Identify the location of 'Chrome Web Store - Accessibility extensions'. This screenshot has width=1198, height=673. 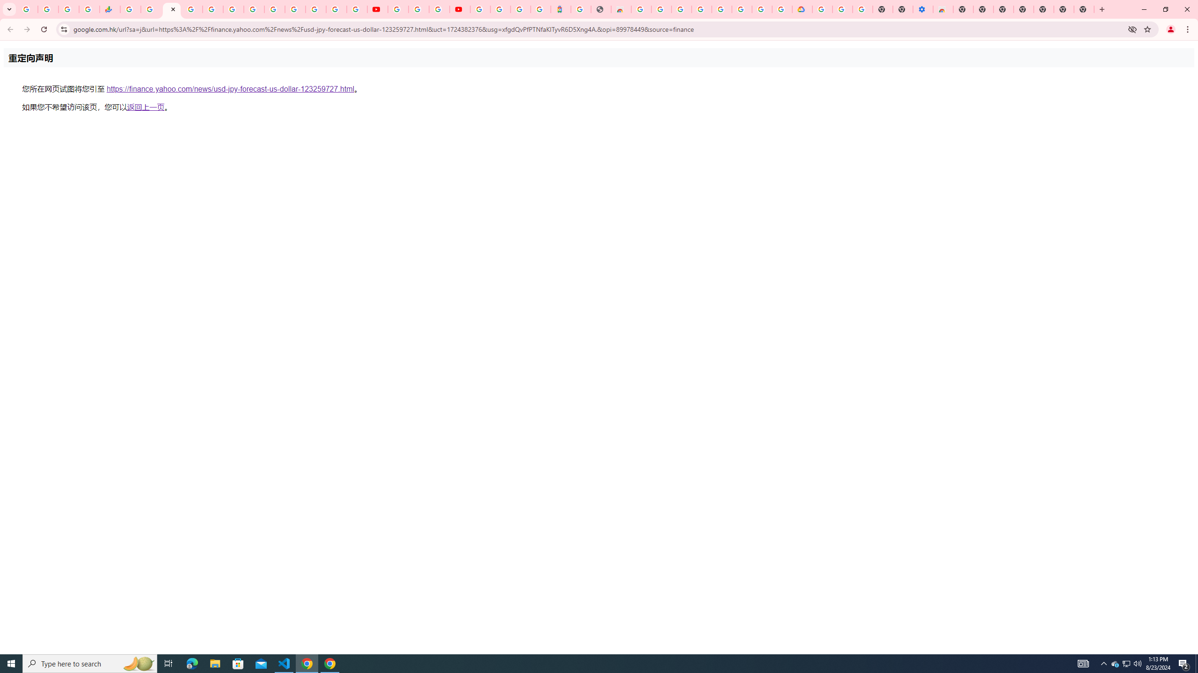
(942, 9).